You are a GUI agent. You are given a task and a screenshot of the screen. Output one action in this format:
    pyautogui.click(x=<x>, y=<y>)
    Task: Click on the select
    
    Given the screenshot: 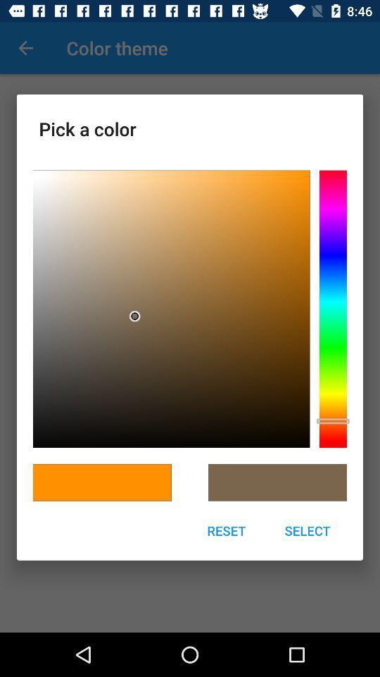 What is the action you would take?
    pyautogui.click(x=307, y=530)
    